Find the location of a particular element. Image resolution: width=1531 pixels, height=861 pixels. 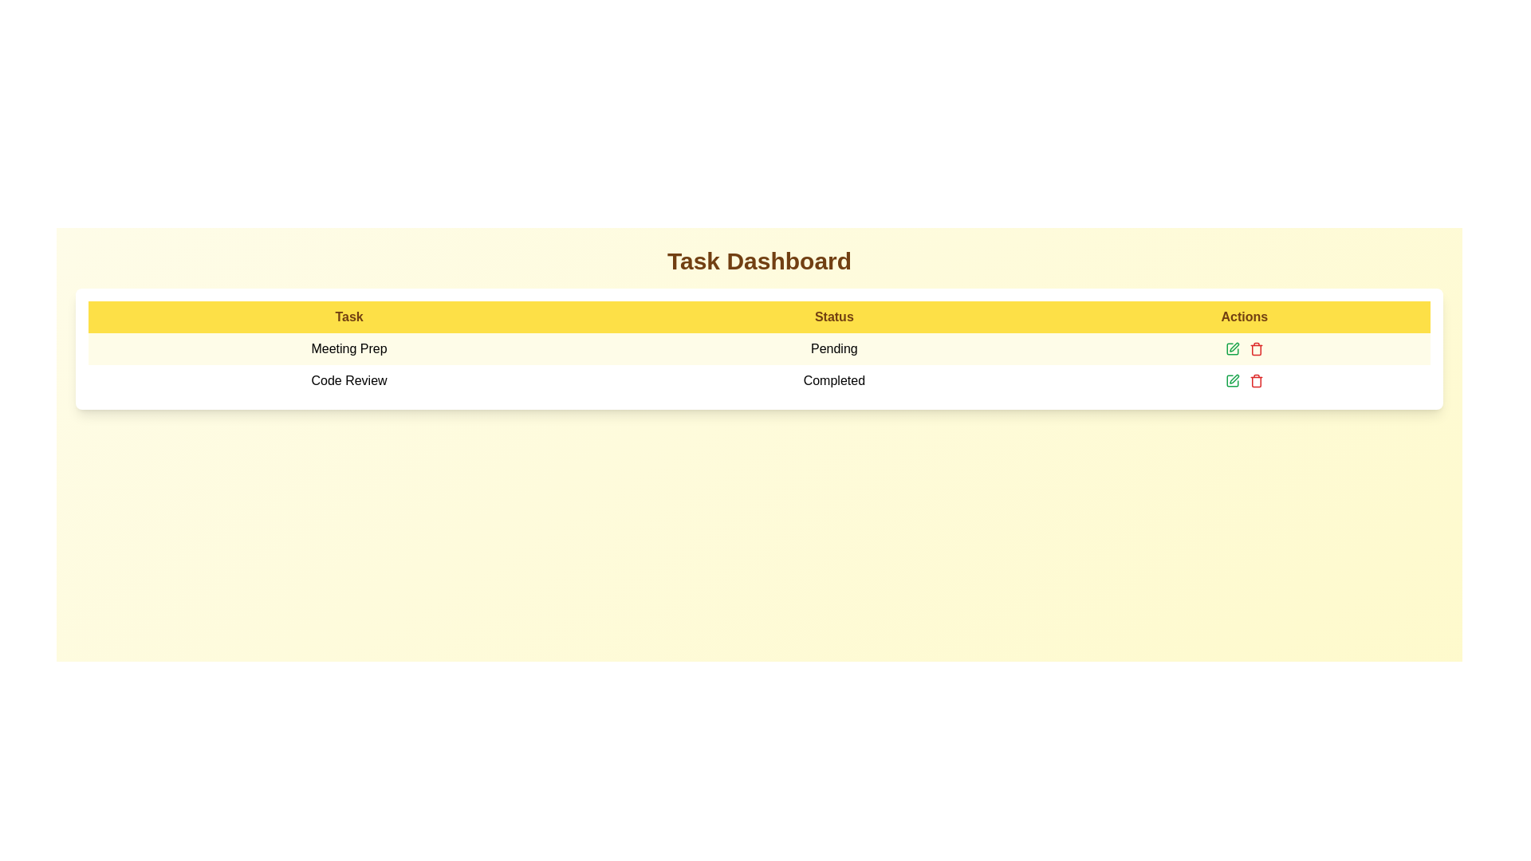

the green icon button with a pen overlay located in the 'Actions' column of the 'Meeting Prep' row to initiate editing is located at coordinates (1231, 348).